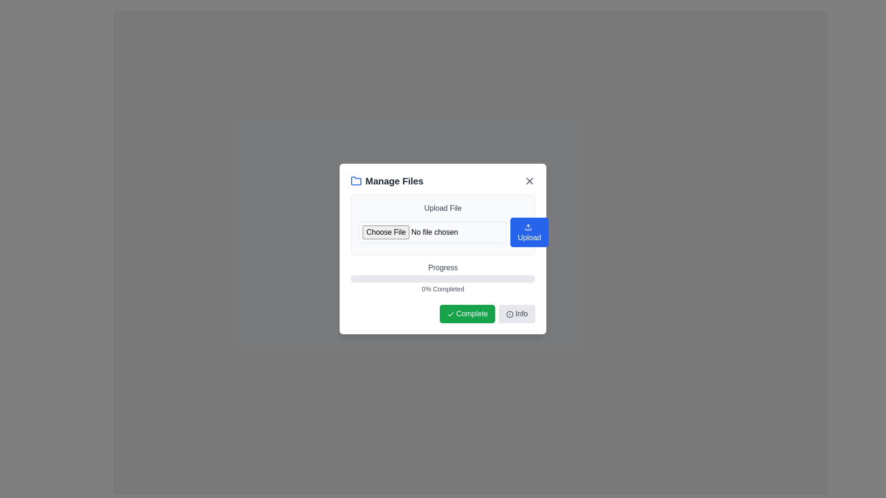 This screenshot has height=498, width=886. What do you see at coordinates (387, 181) in the screenshot?
I see `the label with decorative icon indicating file management in the upper-left corner of the pop-up dialog box` at bounding box center [387, 181].